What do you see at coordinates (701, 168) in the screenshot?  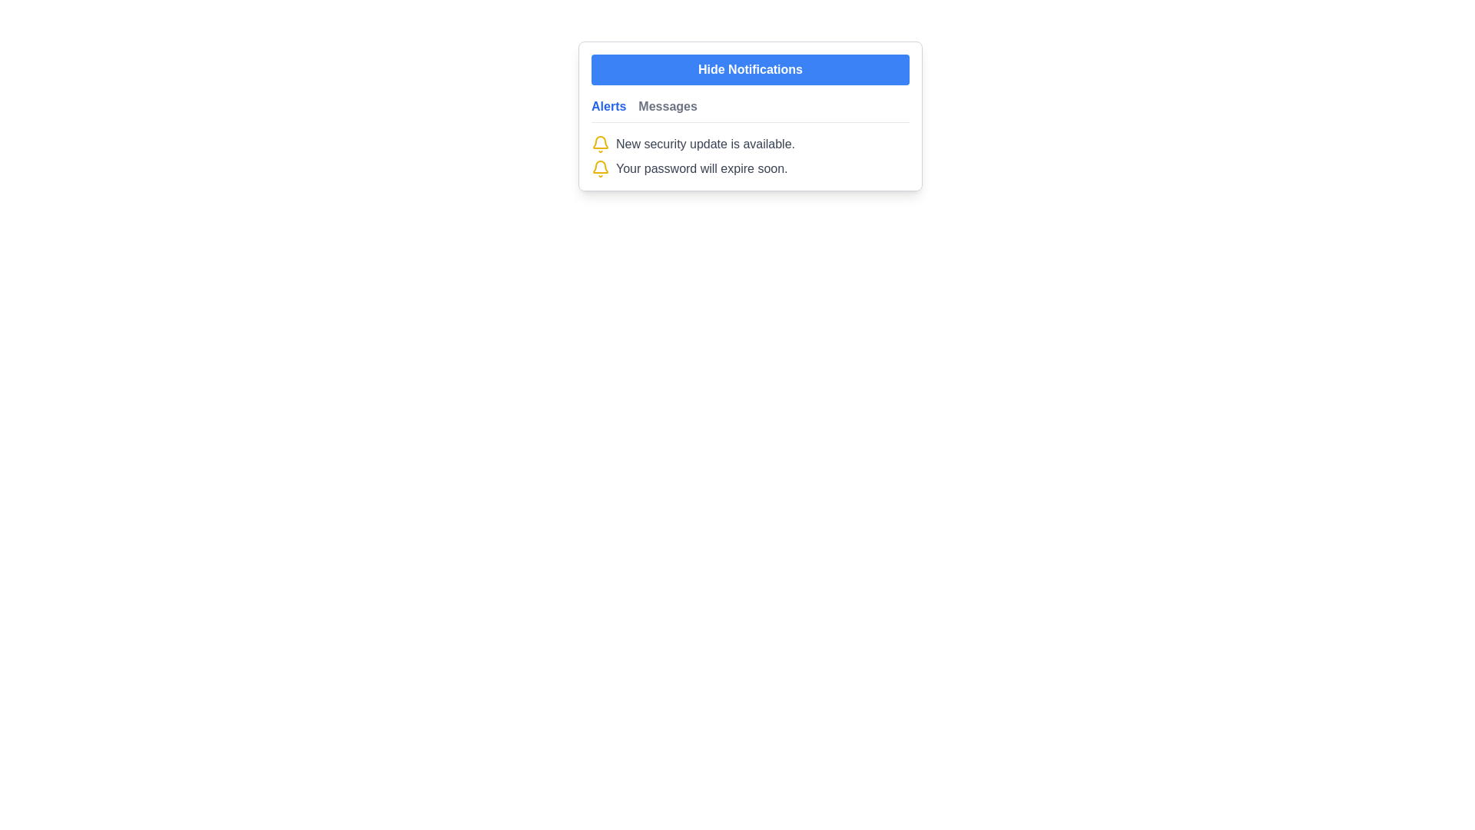 I see `the notification label indicating that the user's password will expire shortly, which is positioned in the notification dropdown after a bell icon` at bounding box center [701, 168].